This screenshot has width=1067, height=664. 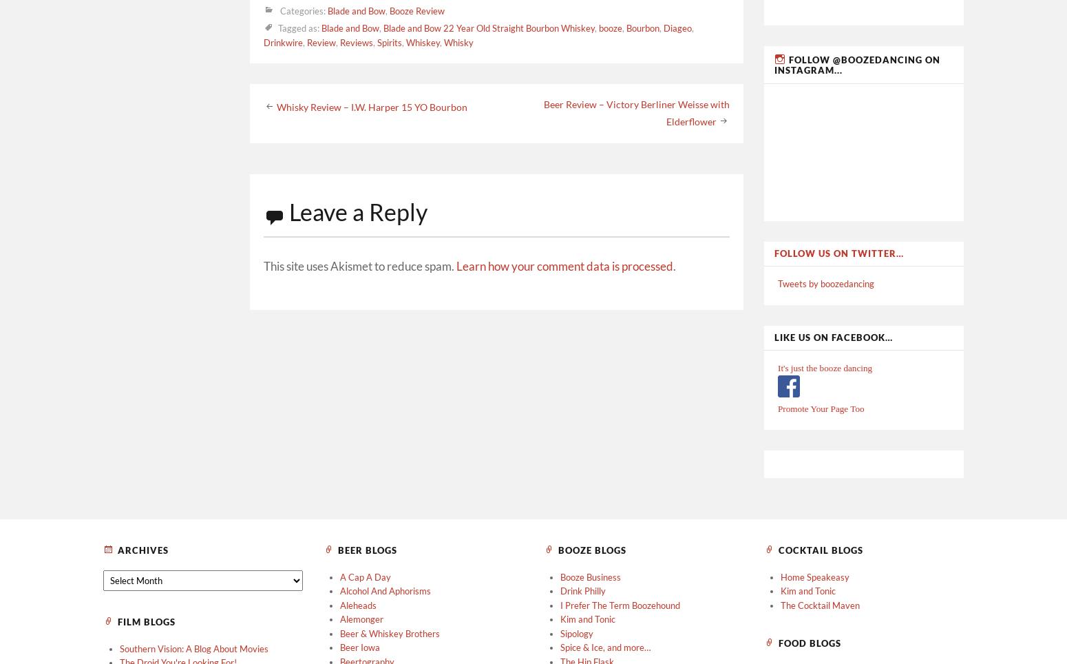 I want to click on 'Booze Blogs', so click(x=592, y=550).